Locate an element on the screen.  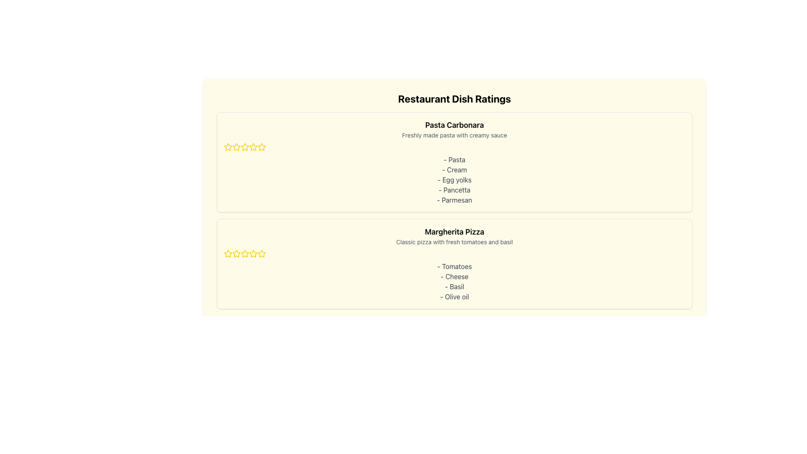
the text label displaying 'Cheese' in a vertical list of ingredients under 'Margherita Pizza', located directly below 'Tomatoes' is located at coordinates (454, 277).